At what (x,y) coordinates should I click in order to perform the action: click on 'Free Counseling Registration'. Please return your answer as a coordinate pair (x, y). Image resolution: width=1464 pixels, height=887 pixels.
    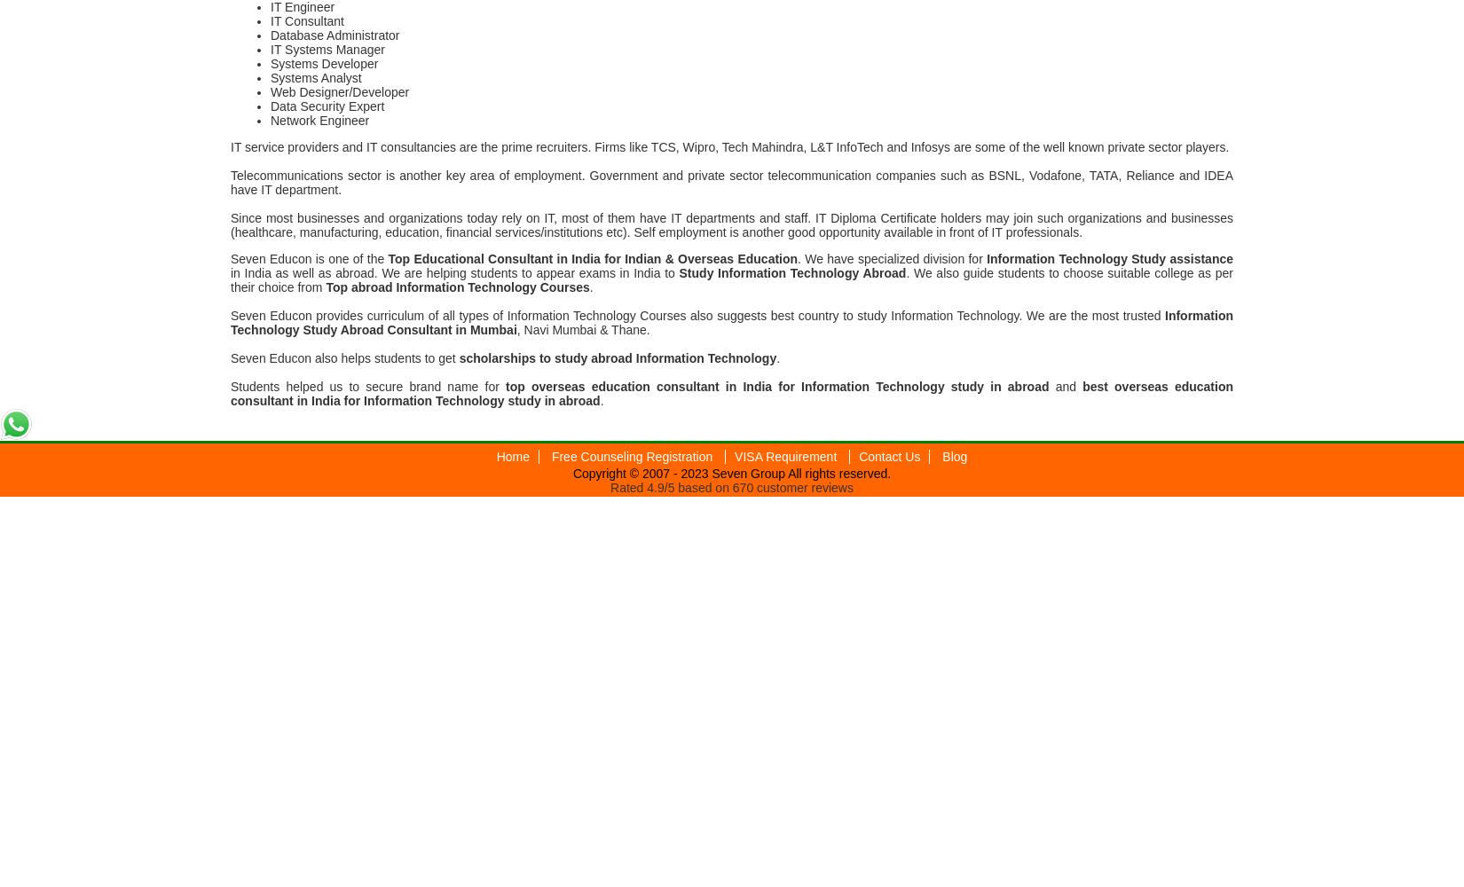
    Looking at the image, I should click on (632, 456).